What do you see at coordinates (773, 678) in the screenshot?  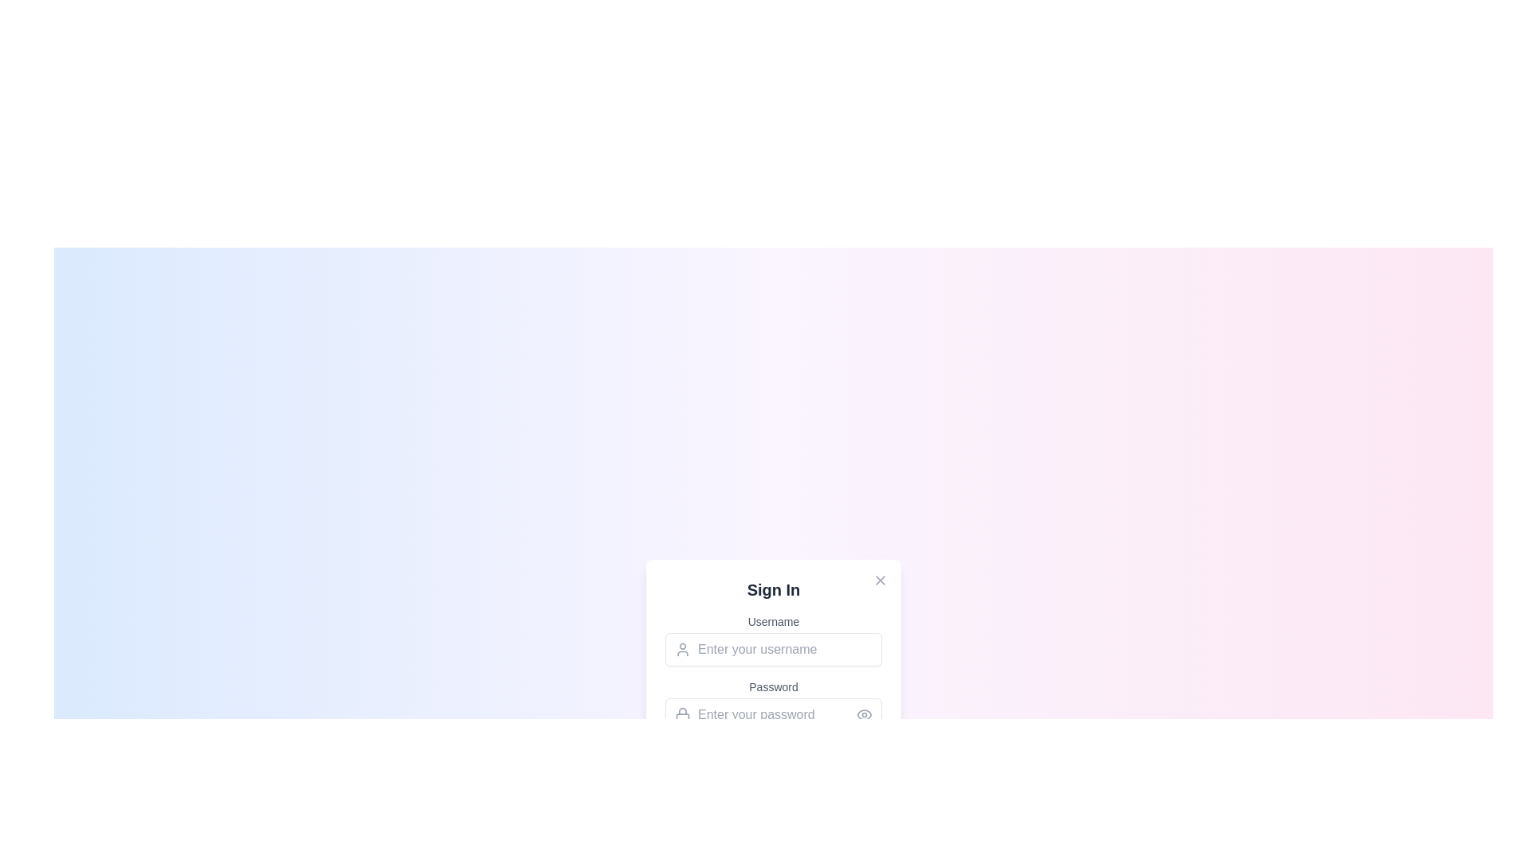 I see `the label that provides a descriptive title for the password input field, located below the 'Username' label and input field, centered horizontally within a card-like sign-in form element` at bounding box center [773, 678].